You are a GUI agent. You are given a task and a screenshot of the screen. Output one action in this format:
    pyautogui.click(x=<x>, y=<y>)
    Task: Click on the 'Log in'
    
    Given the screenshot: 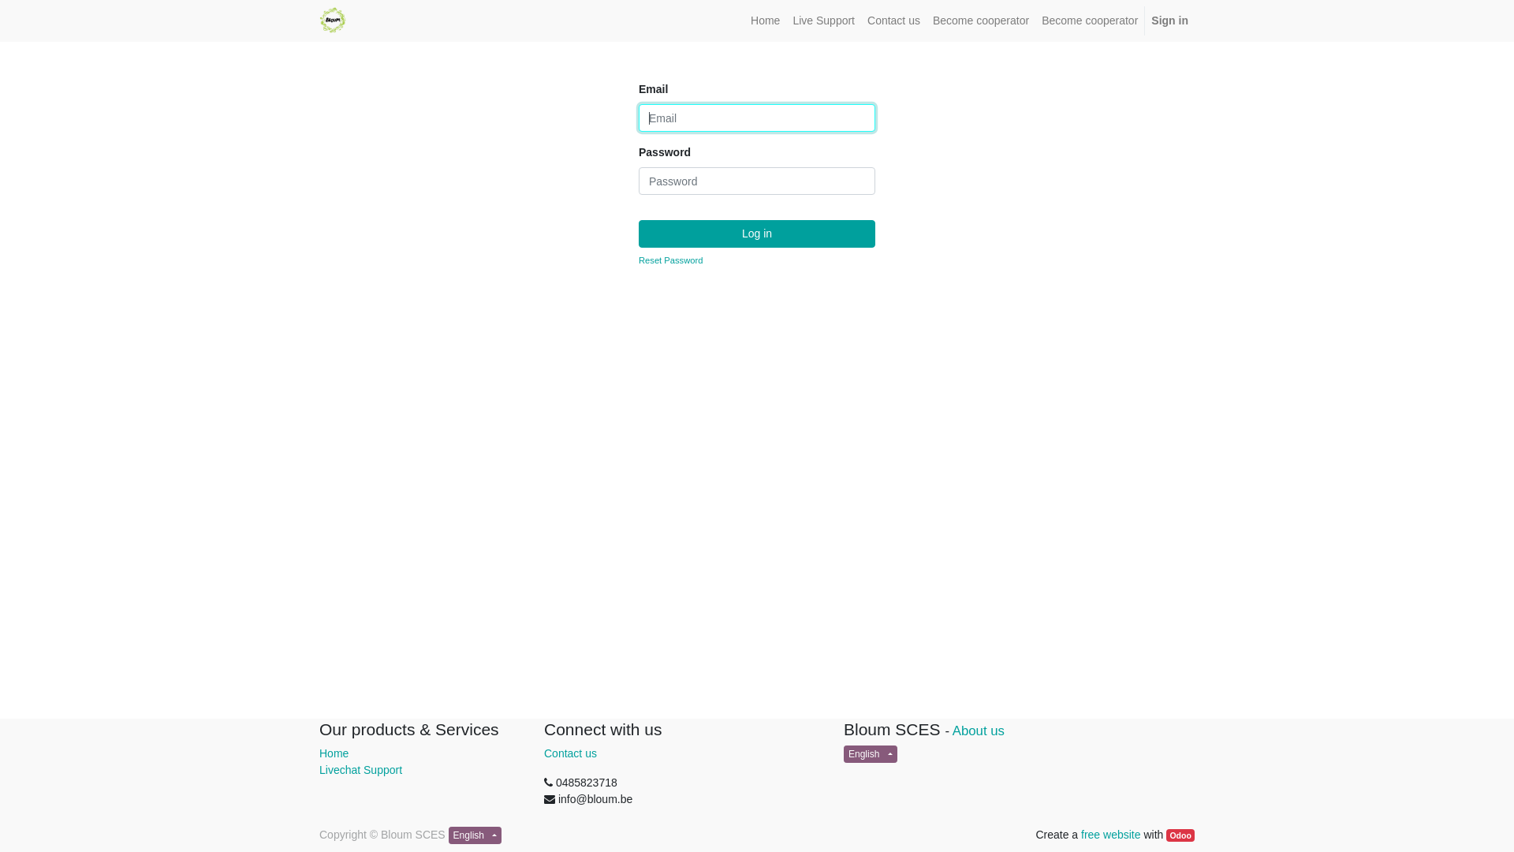 What is the action you would take?
    pyautogui.click(x=757, y=234)
    